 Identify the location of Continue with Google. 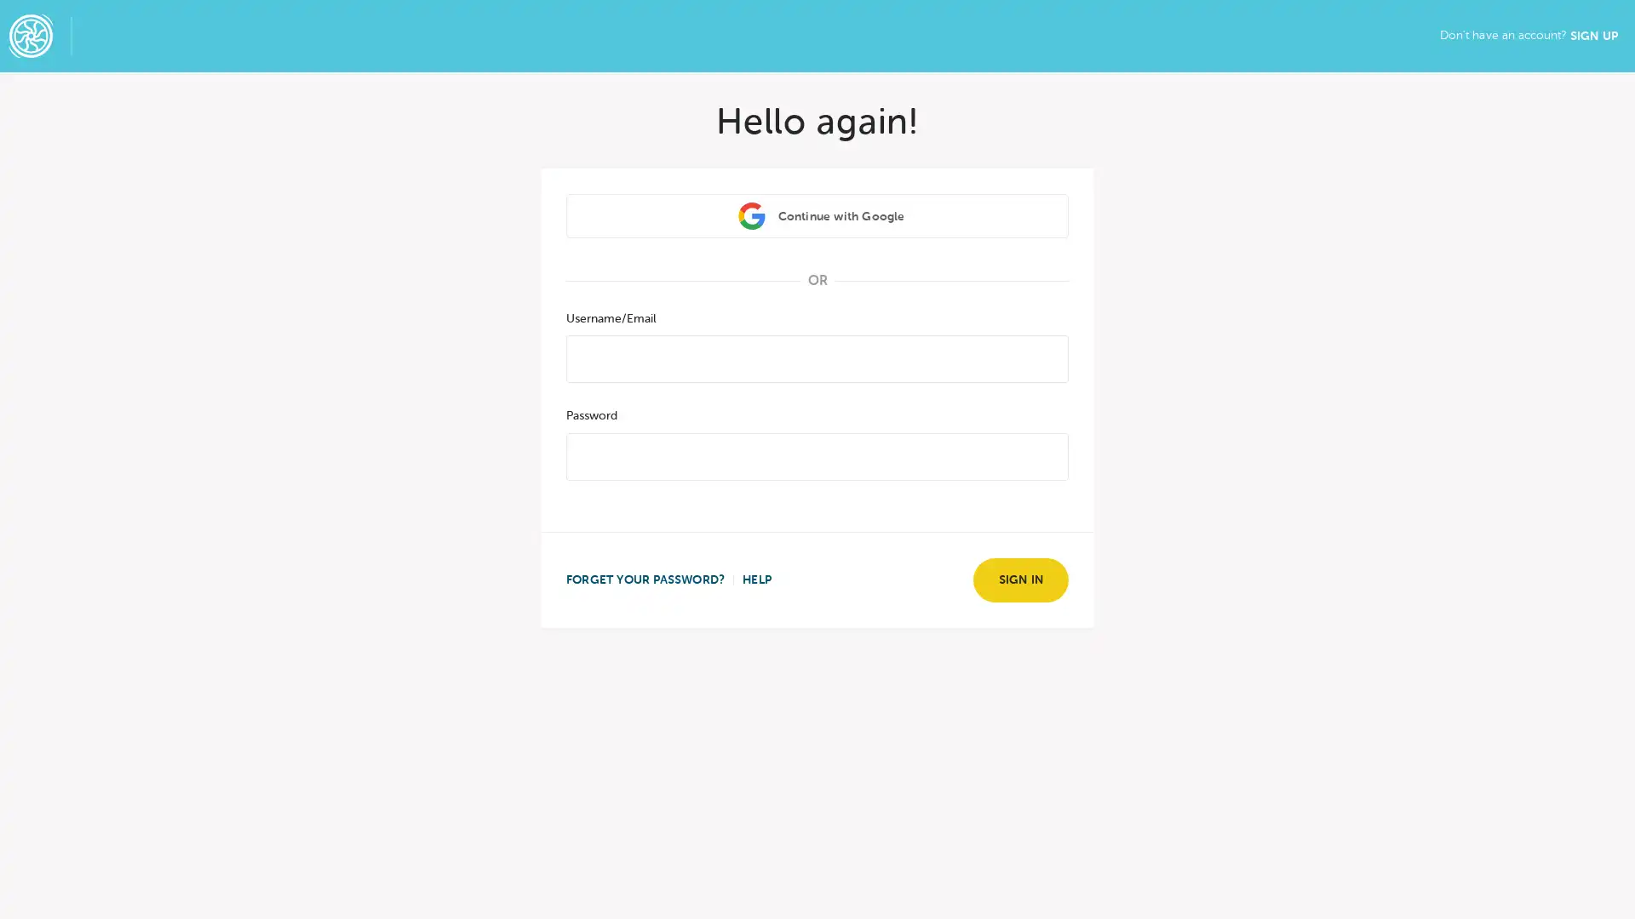
(817, 214).